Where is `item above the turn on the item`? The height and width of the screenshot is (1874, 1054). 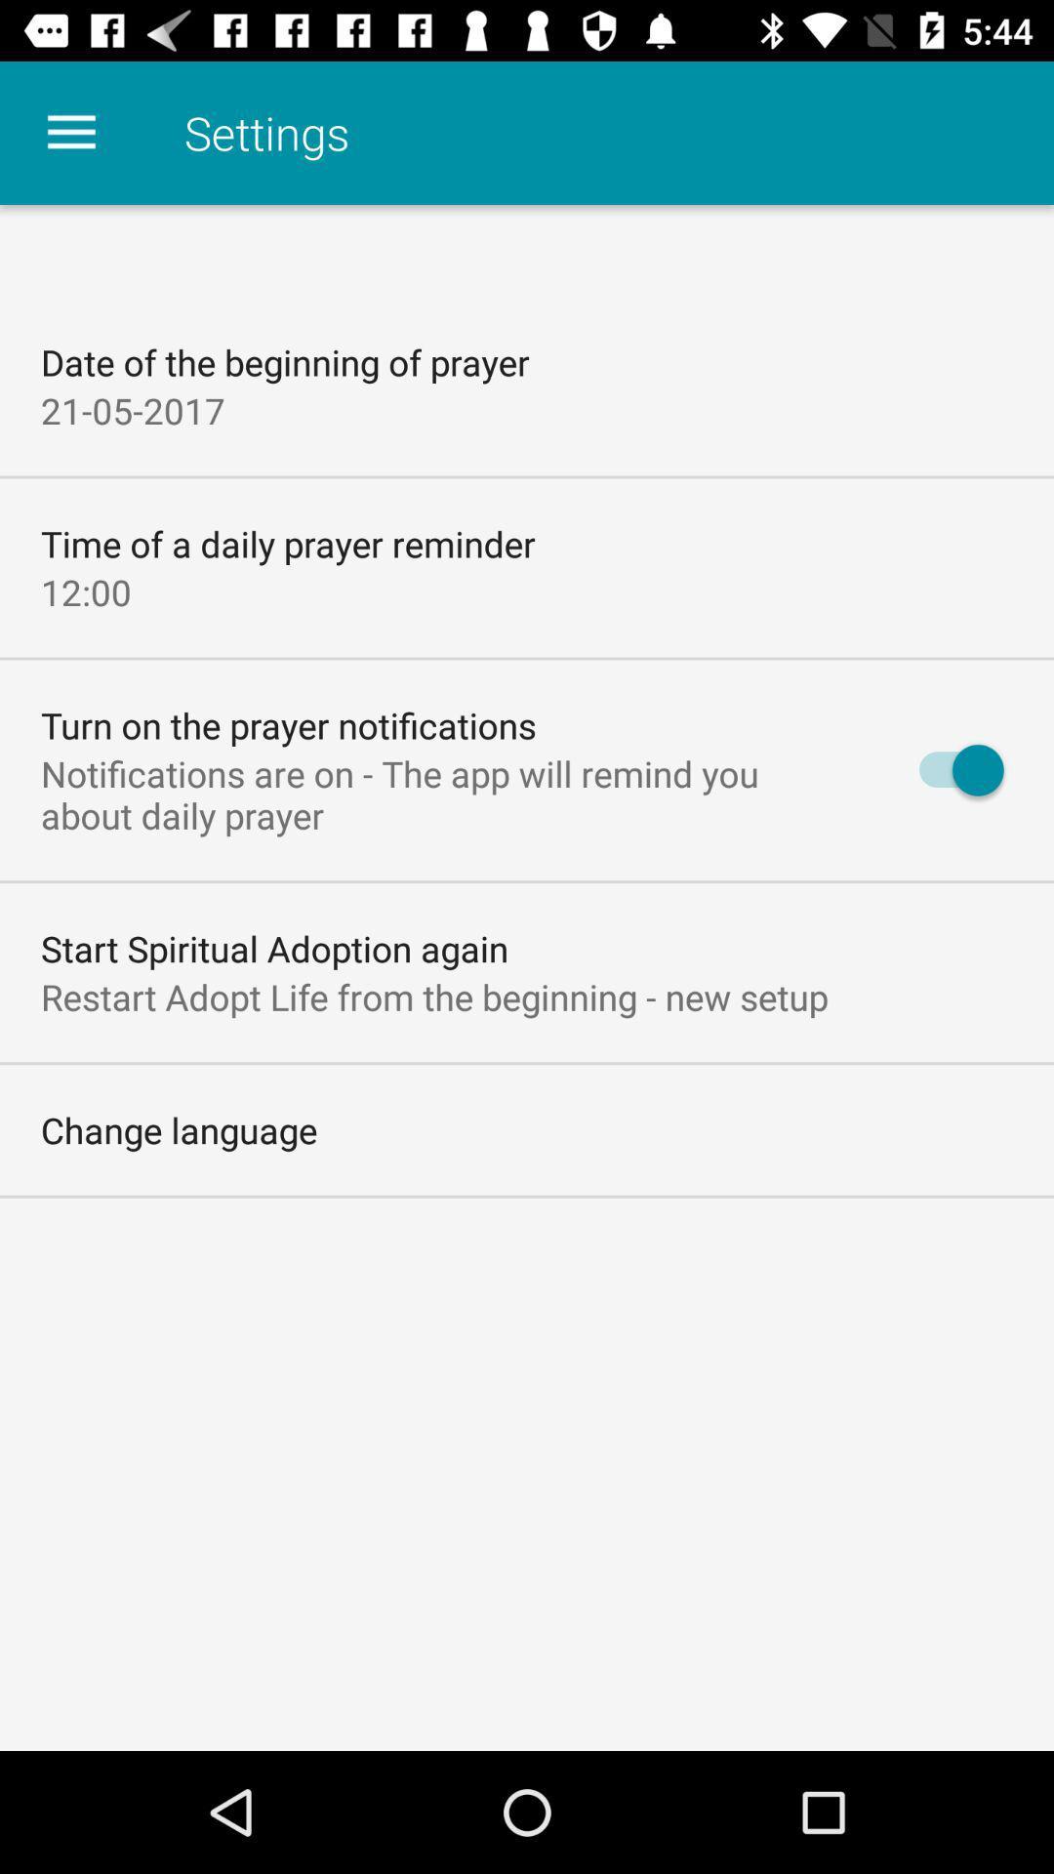
item above the turn on the item is located at coordinates (85, 591).